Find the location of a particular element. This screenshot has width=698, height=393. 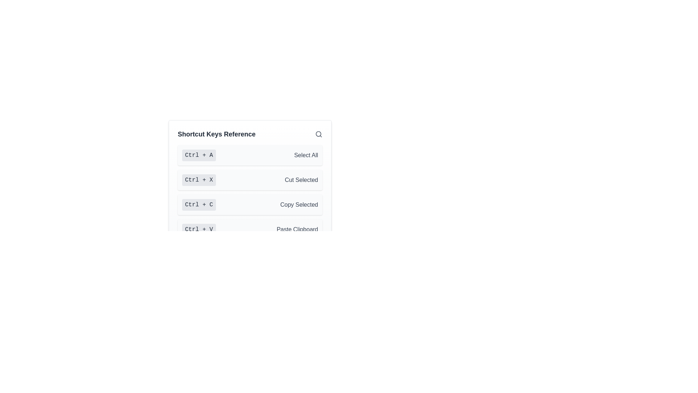

the SVG circle that visually represents the lens in the search icon located in the top-right corner of the user interface is located at coordinates (318, 134).